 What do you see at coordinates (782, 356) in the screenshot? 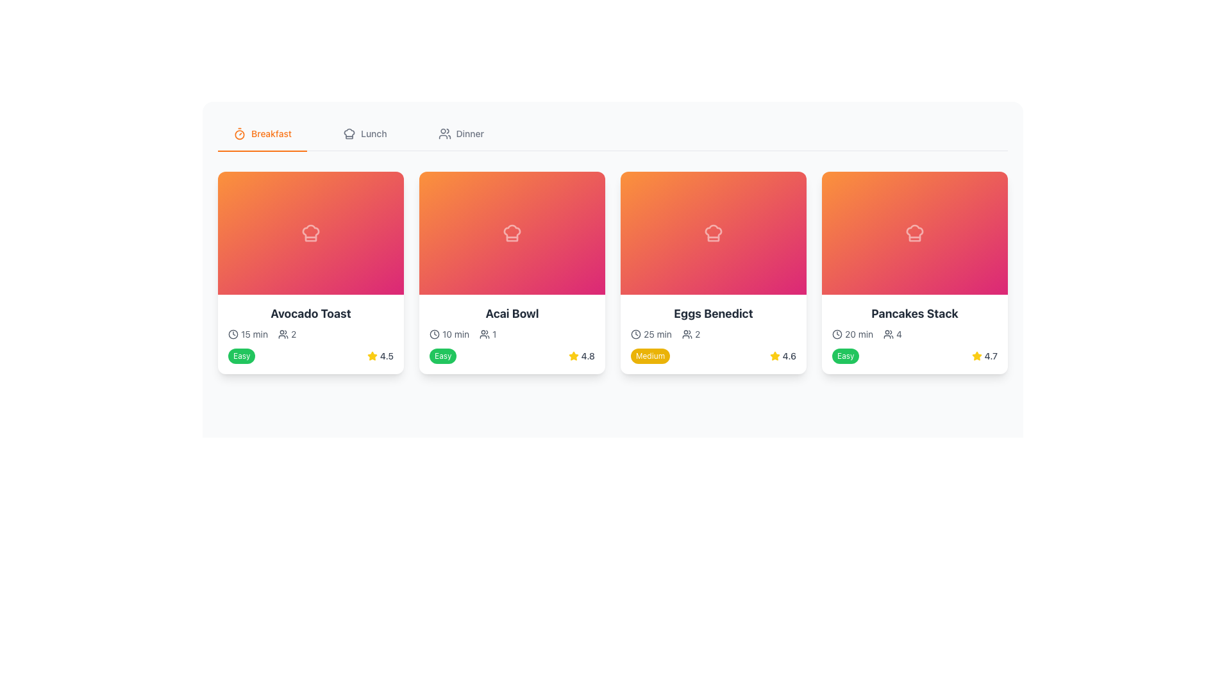
I see `the rating display for the 'Eggs Benedict' item, which combines an icon and a text label, located in the bottom-right area of its card, specifically to the right of the 'Medium' difficulty label` at bounding box center [782, 356].